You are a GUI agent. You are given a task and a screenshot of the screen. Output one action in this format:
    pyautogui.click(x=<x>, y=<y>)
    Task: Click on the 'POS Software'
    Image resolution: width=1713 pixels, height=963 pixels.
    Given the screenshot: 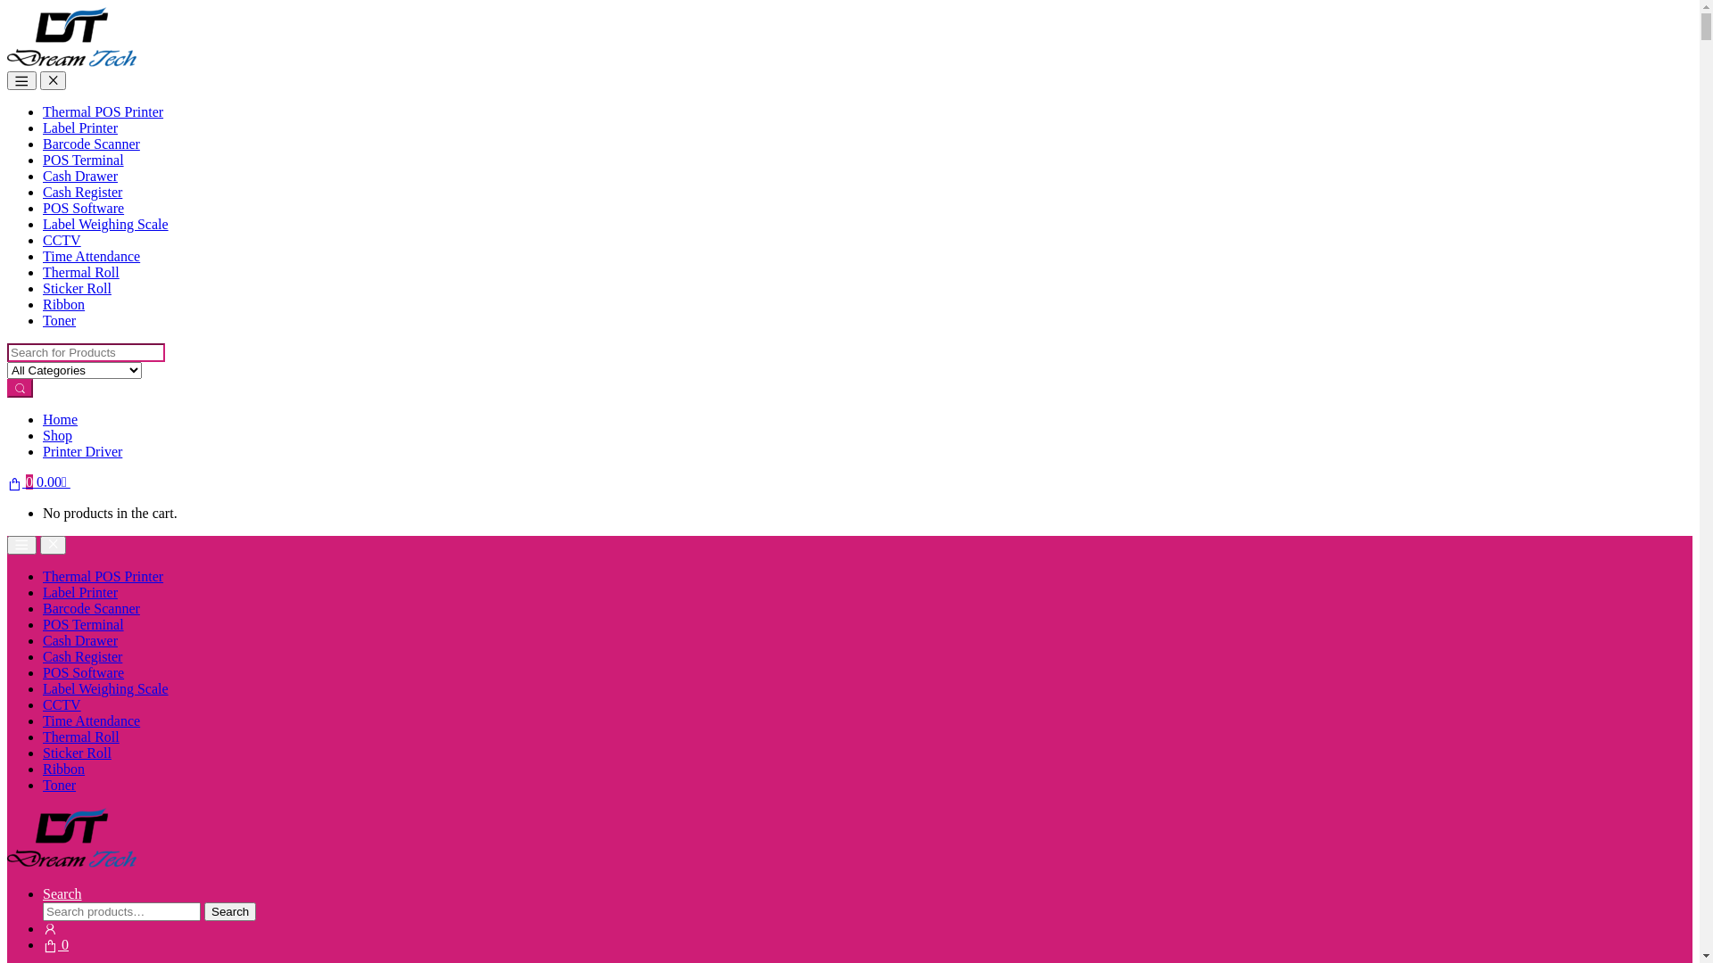 What is the action you would take?
    pyautogui.click(x=82, y=207)
    